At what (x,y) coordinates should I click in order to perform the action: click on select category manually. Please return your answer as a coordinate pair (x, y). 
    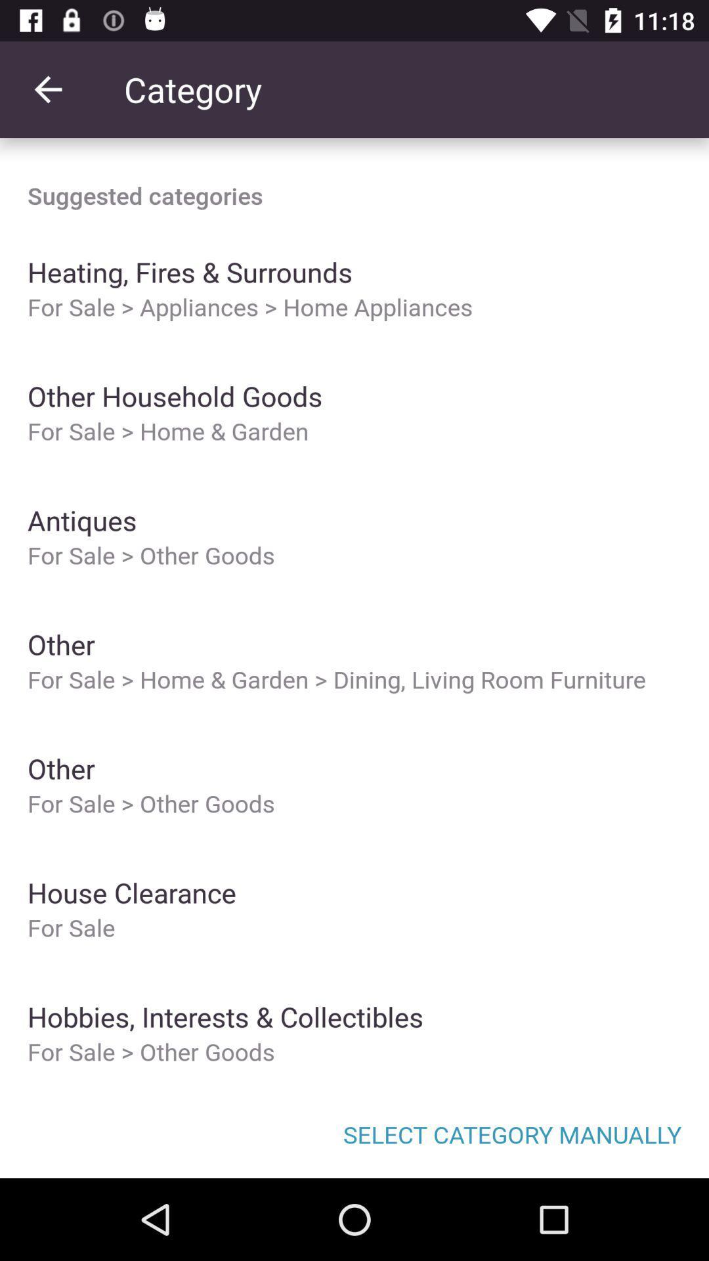
    Looking at the image, I should click on (354, 1134).